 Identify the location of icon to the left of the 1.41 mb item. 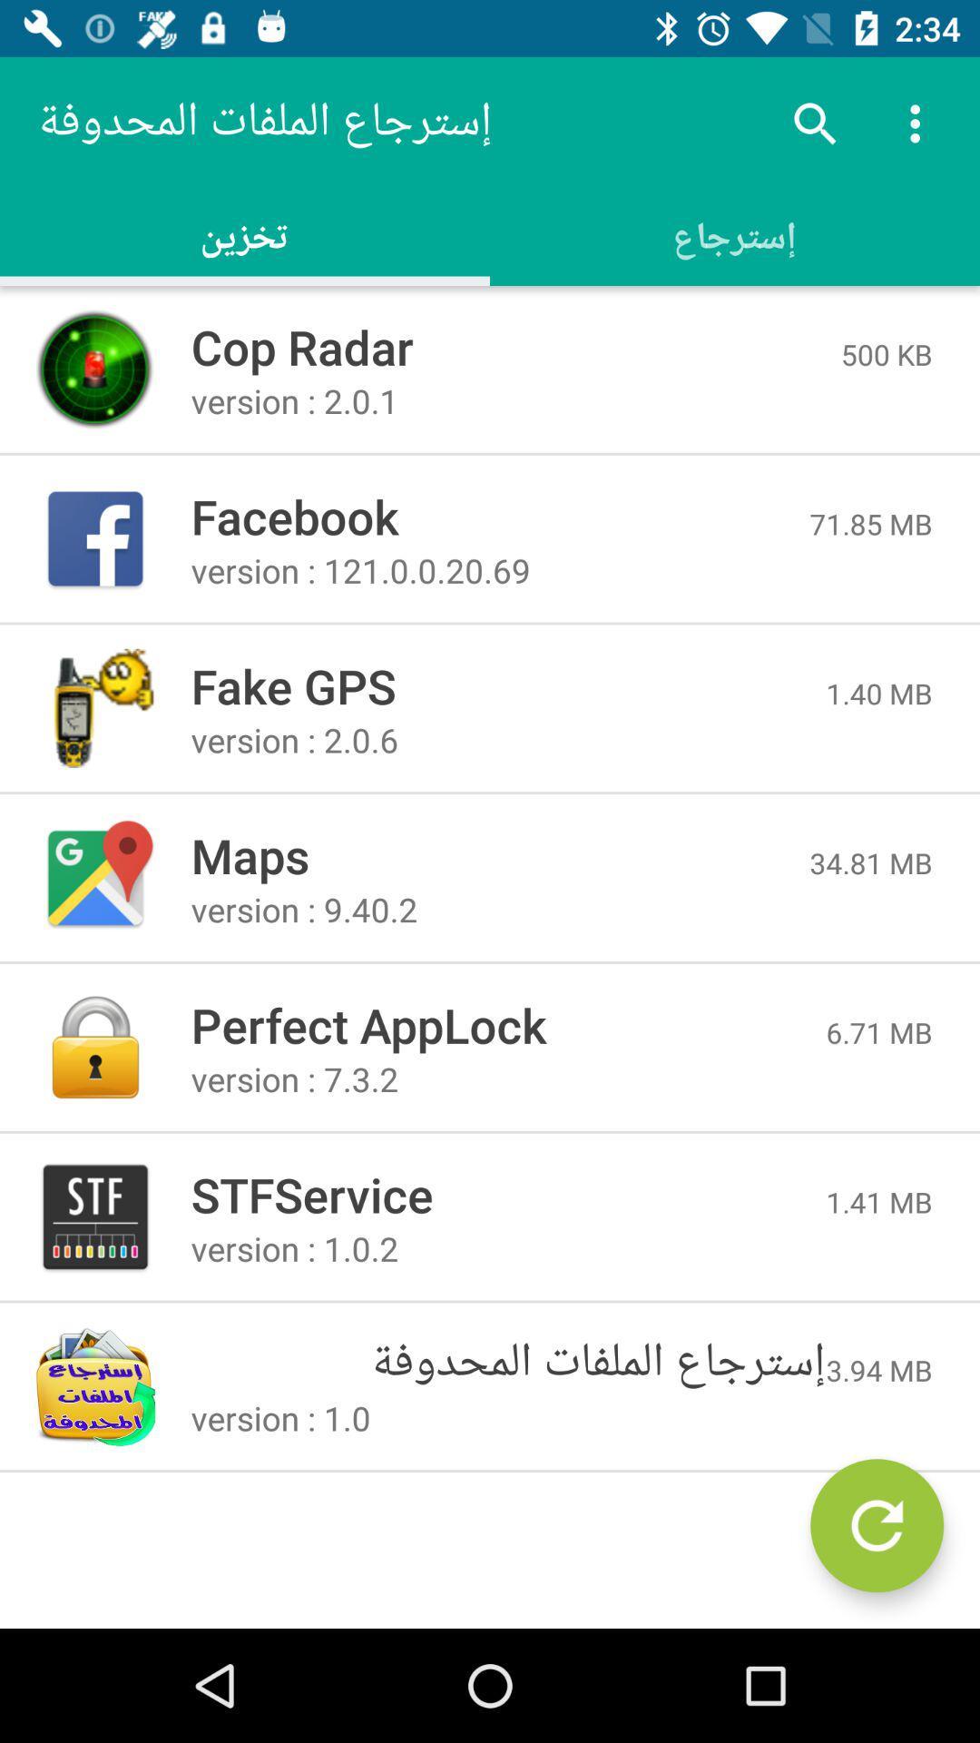
(508, 1194).